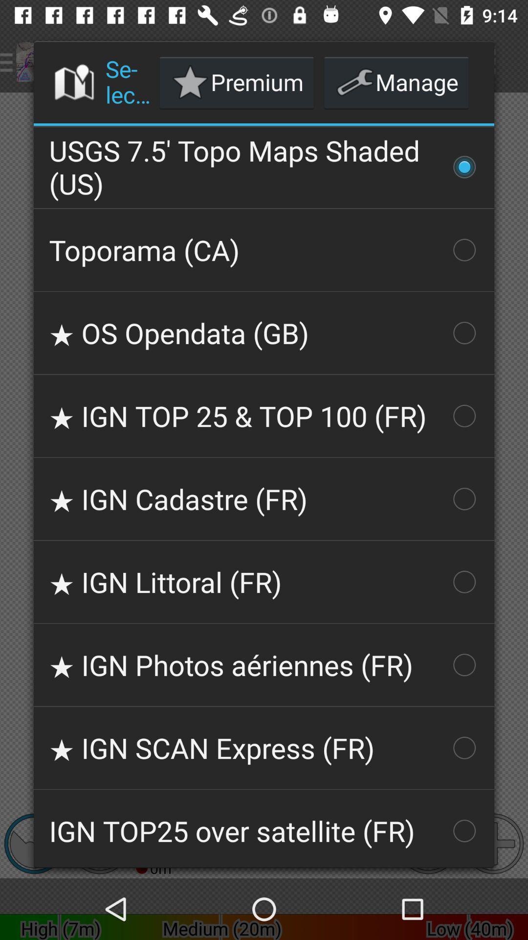 Image resolution: width=528 pixels, height=940 pixels. What do you see at coordinates (396, 82) in the screenshot?
I see `icon at the top right corner` at bounding box center [396, 82].